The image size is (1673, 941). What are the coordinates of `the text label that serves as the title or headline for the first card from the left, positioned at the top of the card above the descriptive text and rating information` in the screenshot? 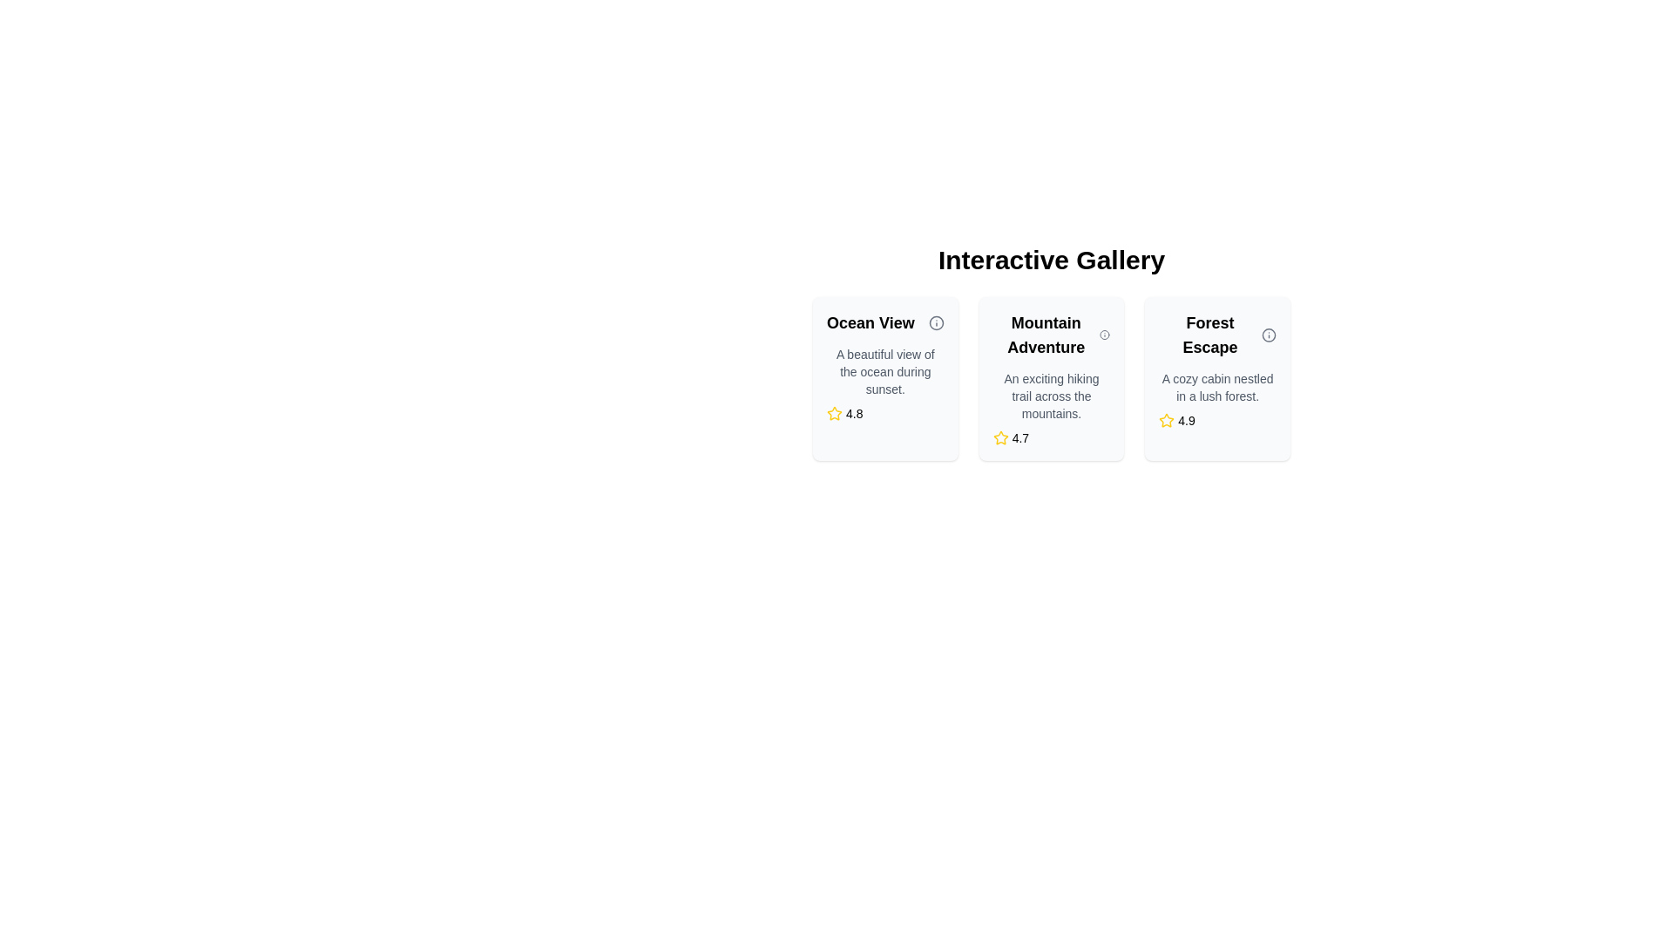 It's located at (885, 322).